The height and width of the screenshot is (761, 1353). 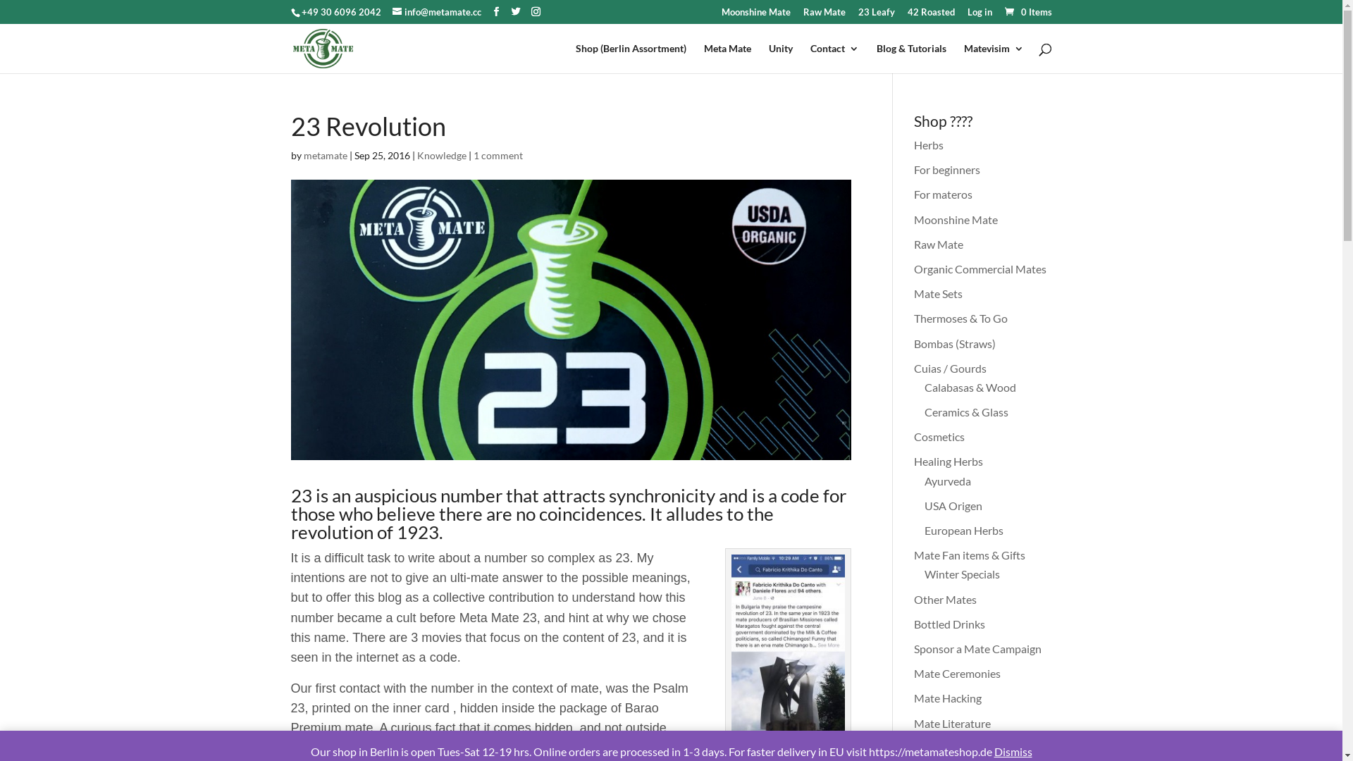 I want to click on 'Winter Specials', so click(x=961, y=574).